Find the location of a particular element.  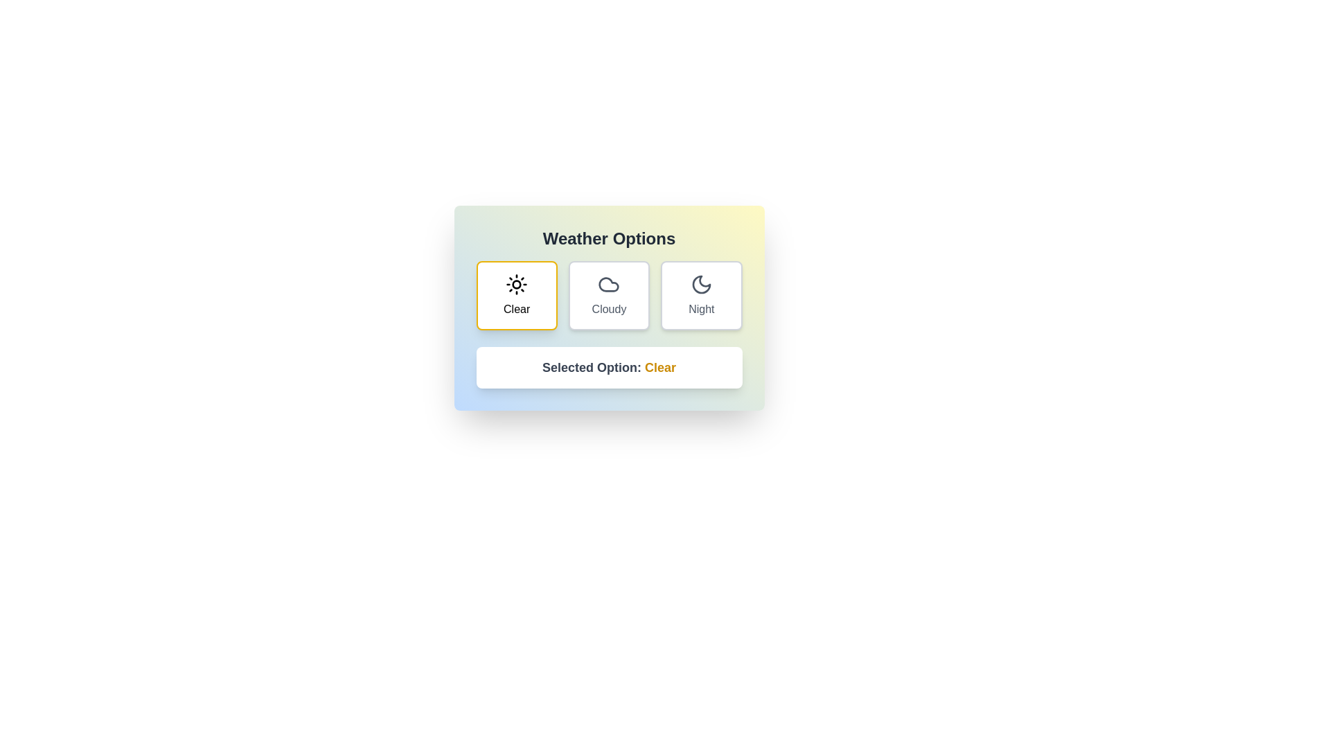

the 'Night' button in the weather options interface is located at coordinates (701, 295).